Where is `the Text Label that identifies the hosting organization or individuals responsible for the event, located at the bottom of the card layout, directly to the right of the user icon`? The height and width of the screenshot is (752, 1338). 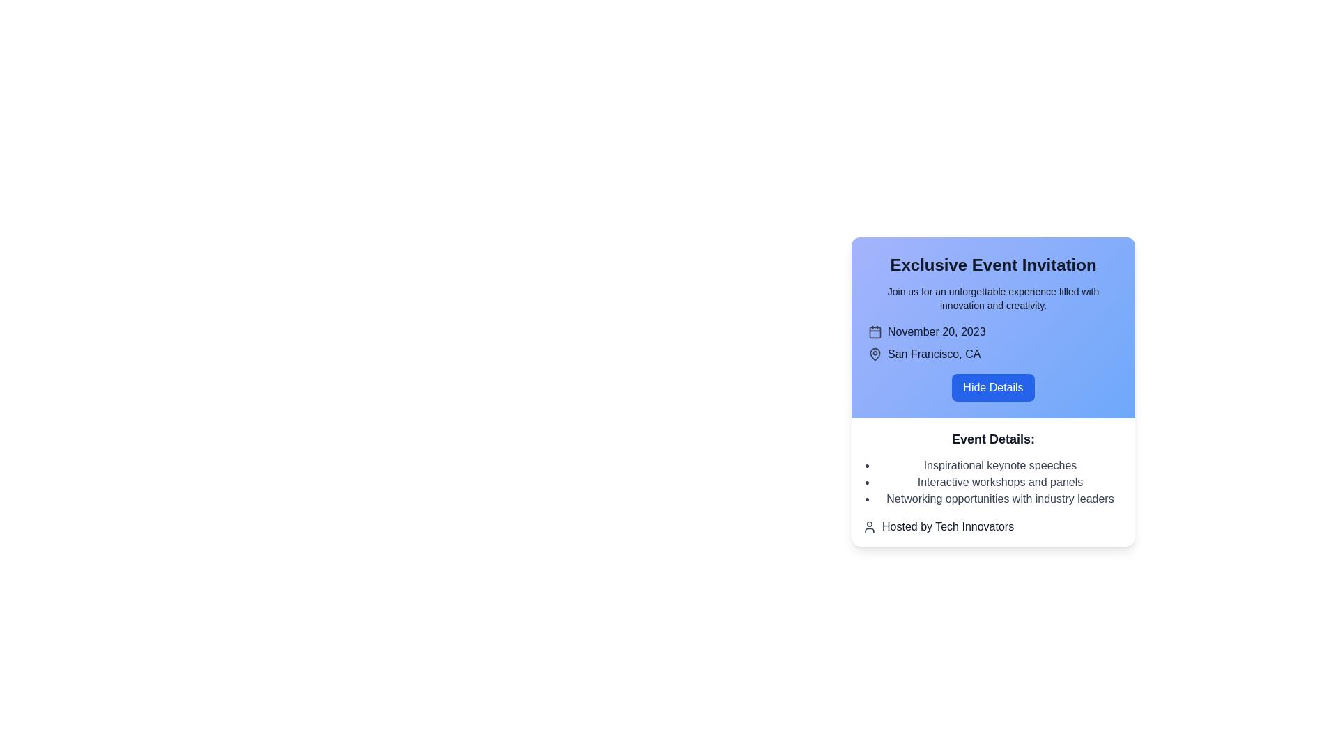
the Text Label that identifies the hosting organization or individuals responsible for the event, located at the bottom of the card layout, directly to the right of the user icon is located at coordinates (948, 526).